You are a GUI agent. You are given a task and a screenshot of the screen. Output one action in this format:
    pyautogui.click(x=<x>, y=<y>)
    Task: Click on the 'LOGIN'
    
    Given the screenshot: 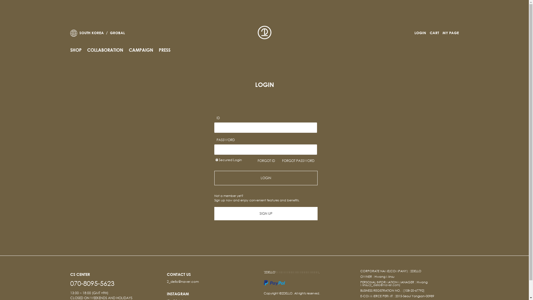 What is the action you would take?
    pyautogui.click(x=214, y=178)
    